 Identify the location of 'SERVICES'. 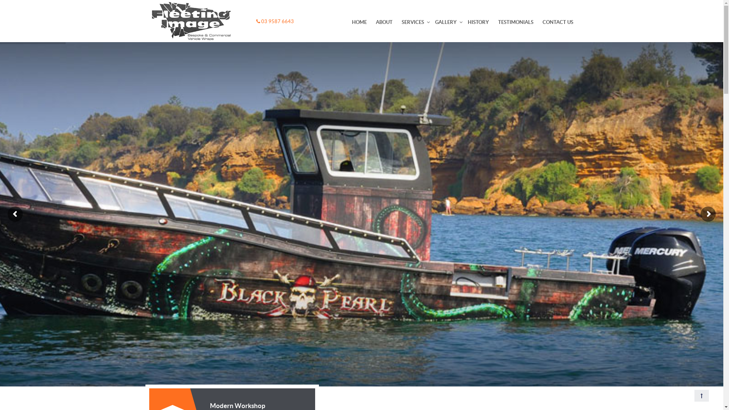
(412, 22).